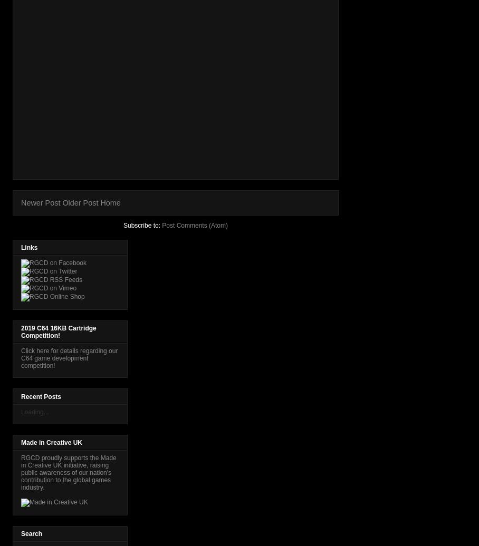 The image size is (479, 546). What do you see at coordinates (40, 396) in the screenshot?
I see `'Recent Posts'` at bounding box center [40, 396].